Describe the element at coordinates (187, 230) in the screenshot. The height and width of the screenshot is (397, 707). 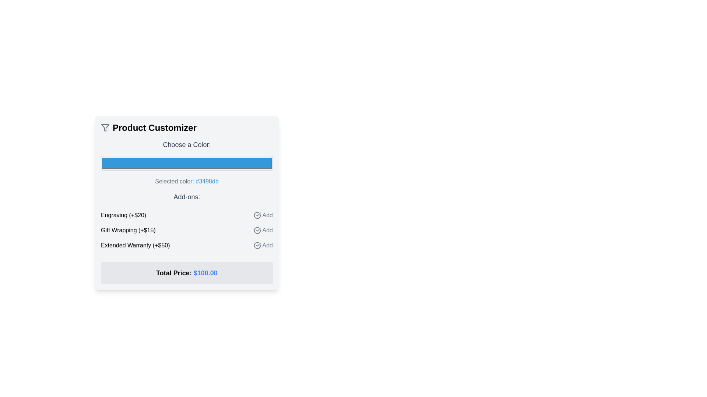
I see `the 'Add' button in the second option of the add-ons list` at that location.